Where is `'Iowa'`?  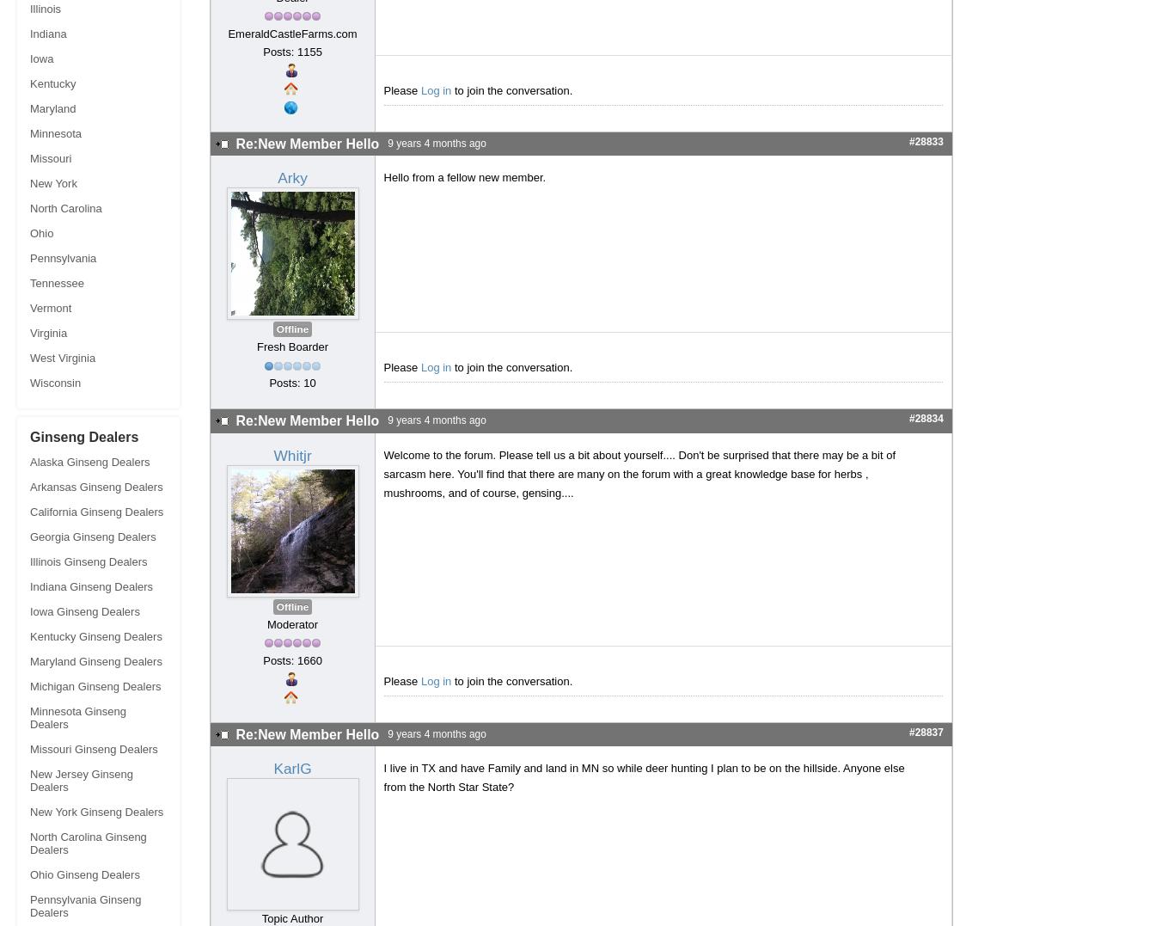 'Iowa' is located at coordinates (41, 58).